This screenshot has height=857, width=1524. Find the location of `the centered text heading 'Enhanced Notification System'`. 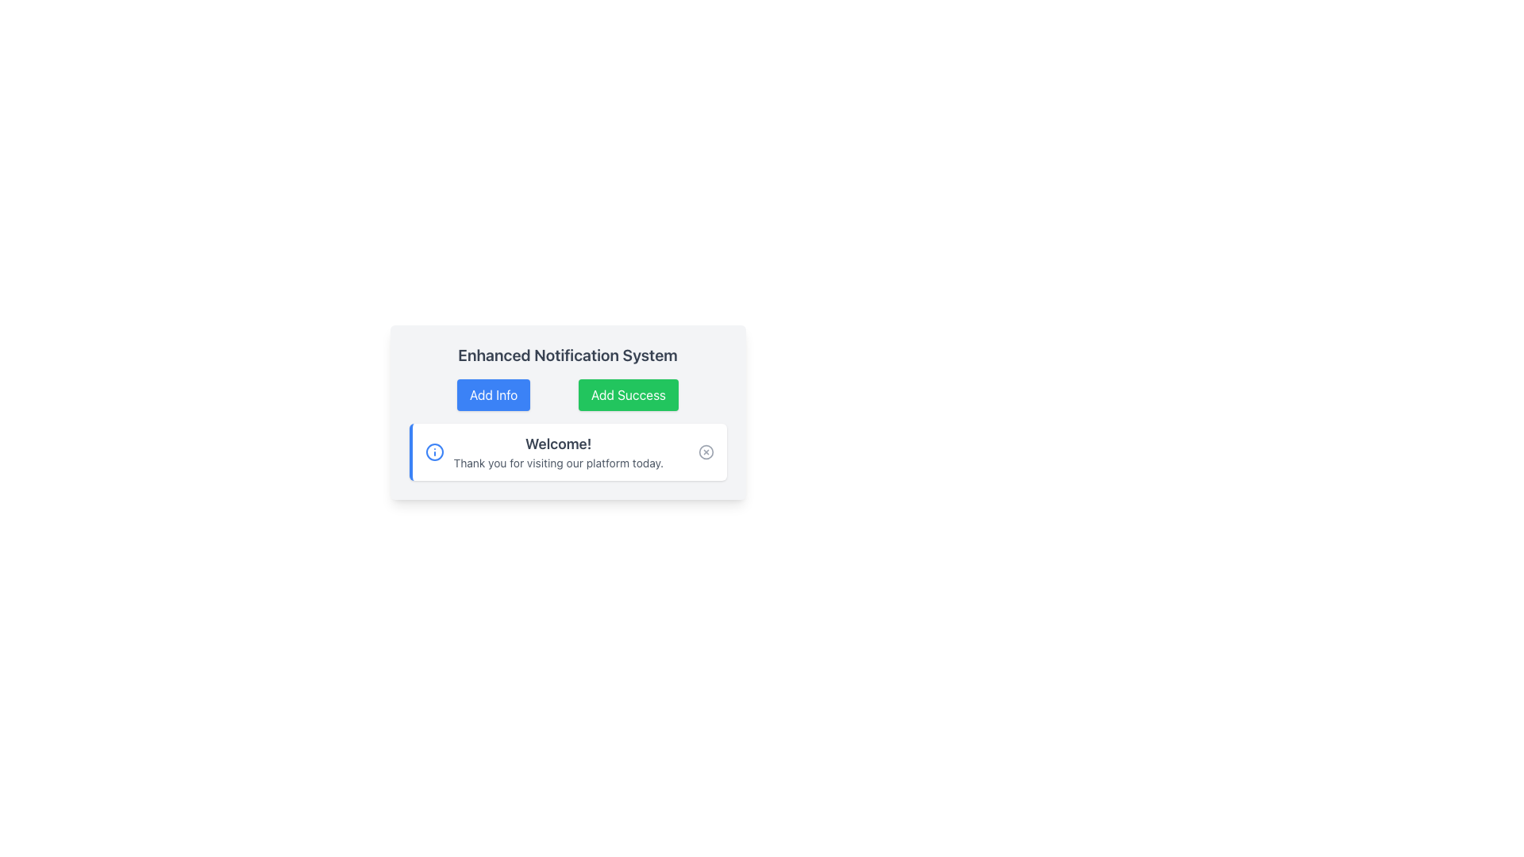

the centered text heading 'Enhanced Notification System' is located at coordinates (568, 354).